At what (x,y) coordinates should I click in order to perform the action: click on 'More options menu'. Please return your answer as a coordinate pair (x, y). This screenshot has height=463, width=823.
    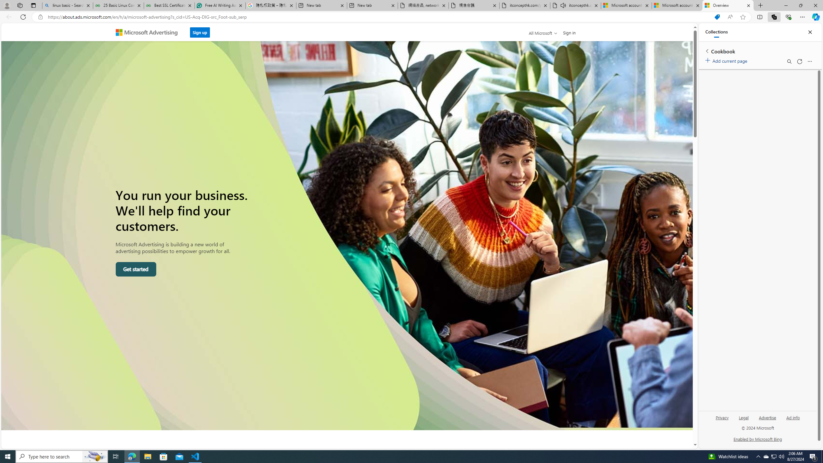
    Looking at the image, I should click on (810, 61).